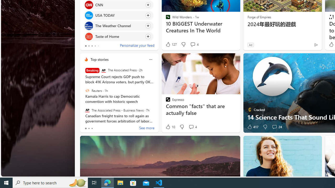 The height and width of the screenshot is (188, 335). What do you see at coordinates (171, 44) in the screenshot?
I see `'127 Like'` at bounding box center [171, 44].